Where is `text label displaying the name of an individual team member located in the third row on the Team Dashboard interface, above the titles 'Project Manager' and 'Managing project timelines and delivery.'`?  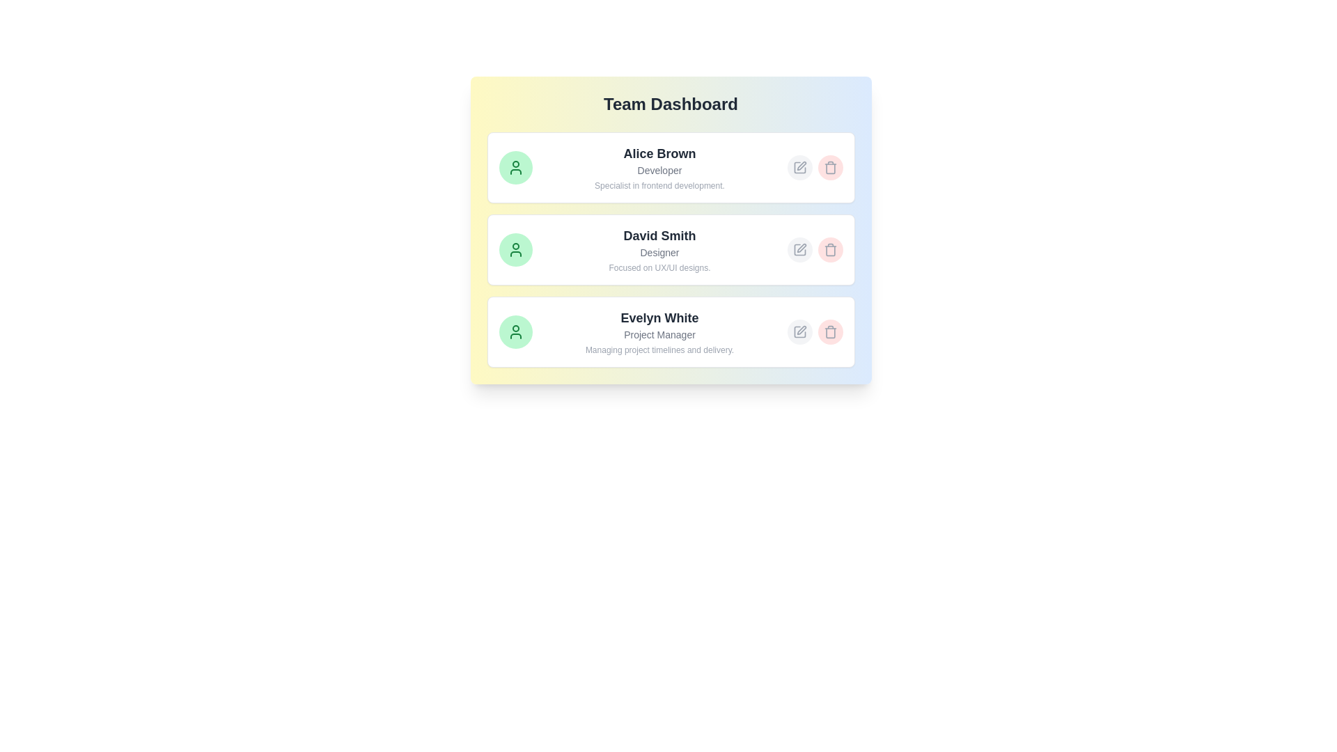
text label displaying the name of an individual team member located in the third row on the Team Dashboard interface, above the titles 'Project Manager' and 'Managing project timelines and delivery.' is located at coordinates (659, 318).